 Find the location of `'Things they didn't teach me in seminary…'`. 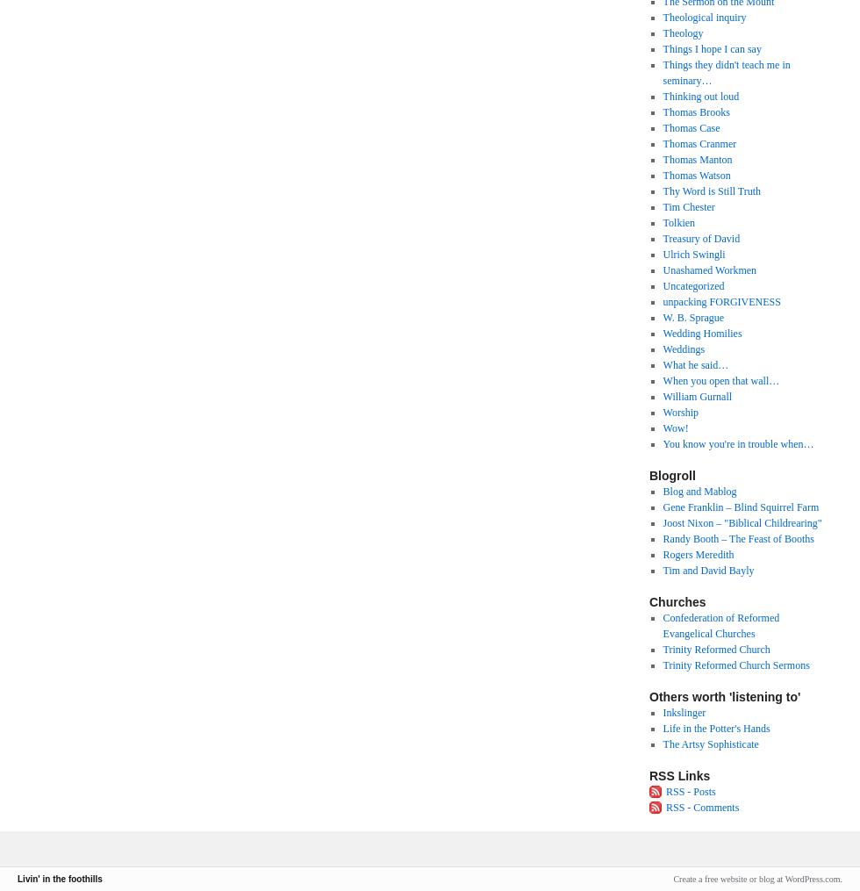

'Things they didn't teach me in seminary…' is located at coordinates (726, 73).